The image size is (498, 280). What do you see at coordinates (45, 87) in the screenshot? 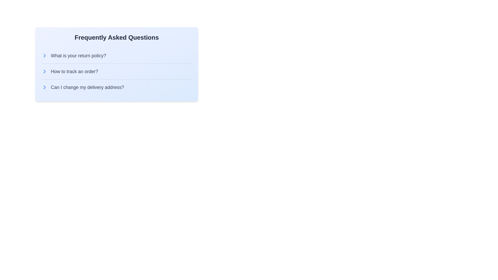
I see `the question text associated with the right-pointing arrow icon, which is the third item in the list labeled 'Can I change my delivery address?'` at bounding box center [45, 87].